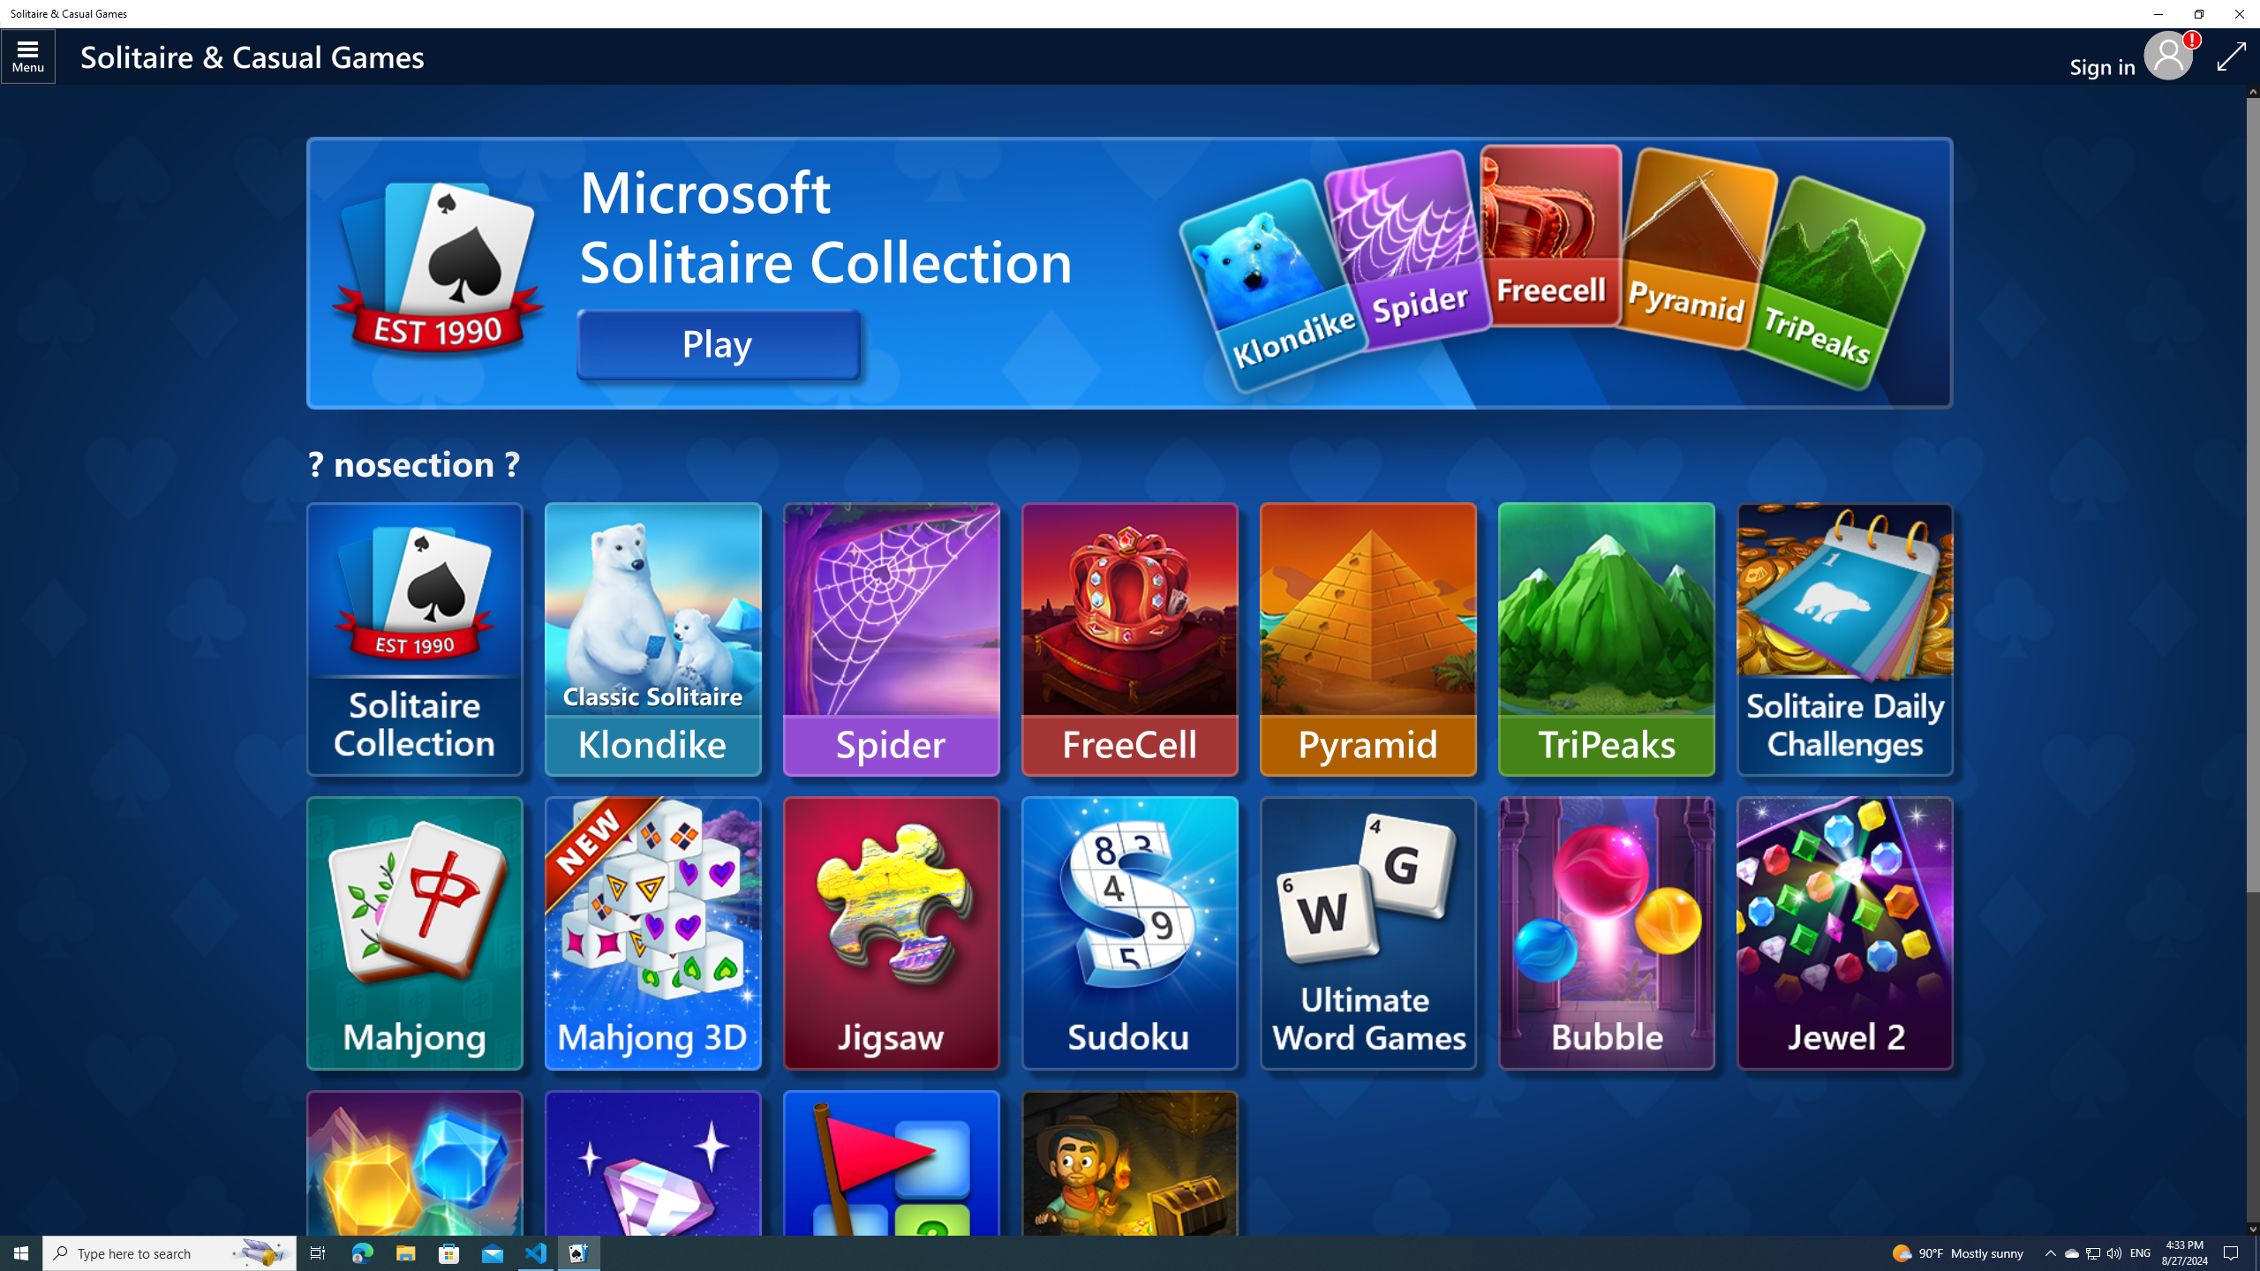 This screenshot has height=1271, width=2260. Describe the element at coordinates (890, 932) in the screenshot. I see `'Microsoft Jigsaw'` at that location.